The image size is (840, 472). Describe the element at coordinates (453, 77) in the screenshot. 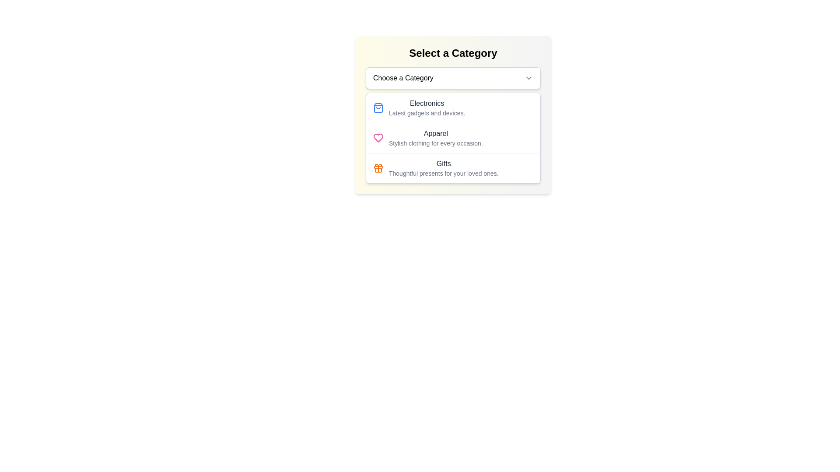

I see `the dropdown menu trigger button labeled 'Choose a Category'` at that location.